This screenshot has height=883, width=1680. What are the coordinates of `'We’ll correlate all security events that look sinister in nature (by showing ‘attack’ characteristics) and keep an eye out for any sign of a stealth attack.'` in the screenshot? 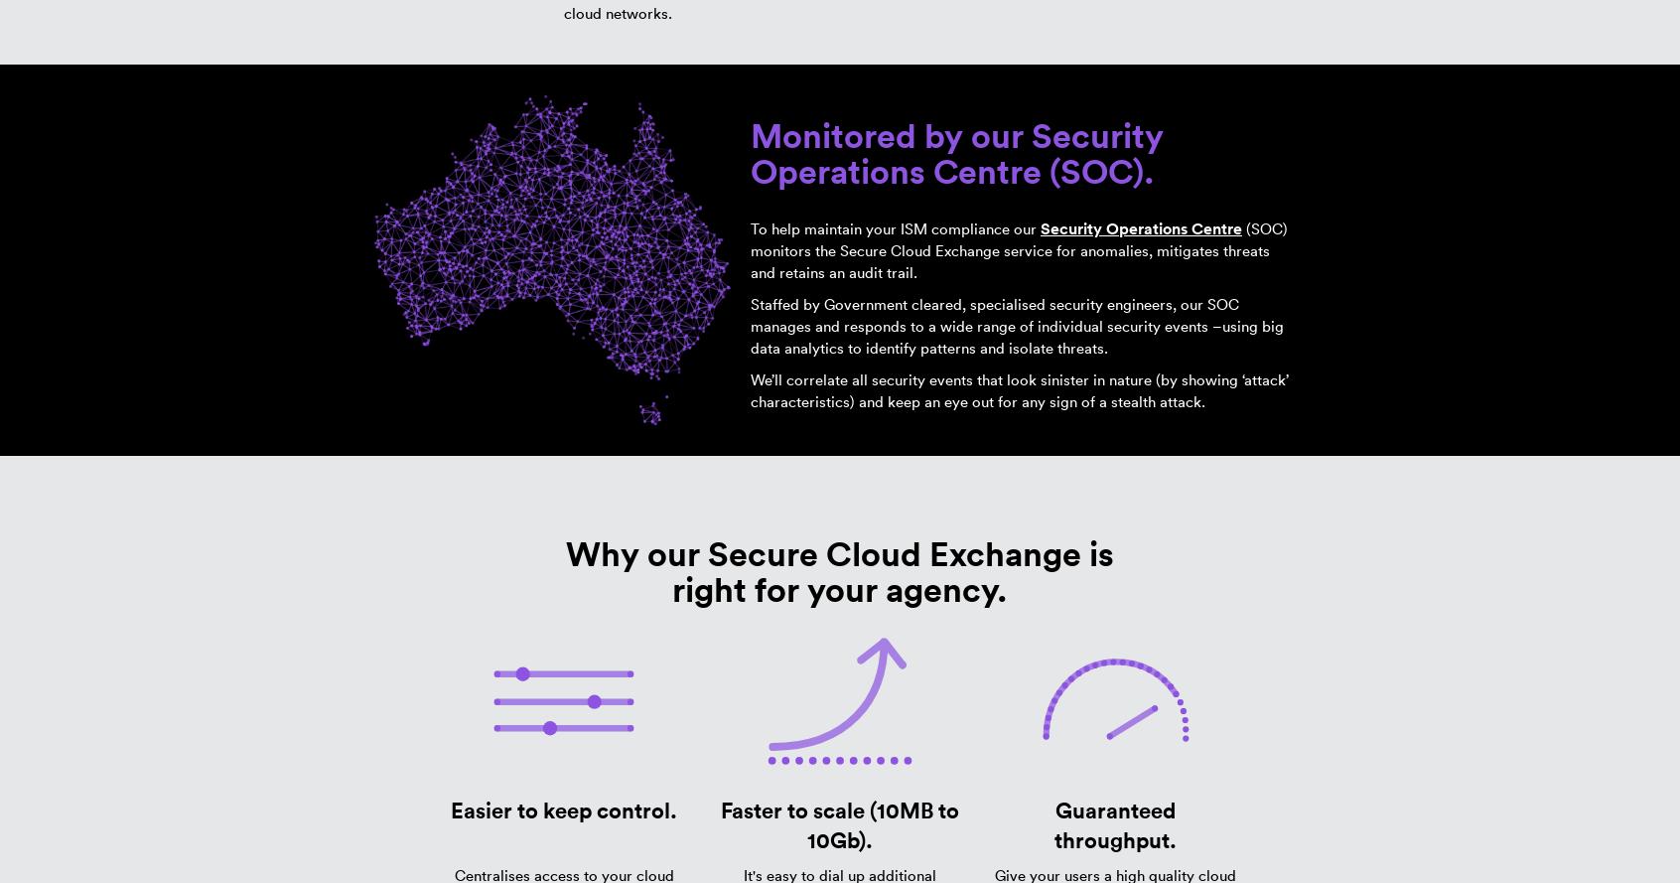 It's located at (1019, 390).